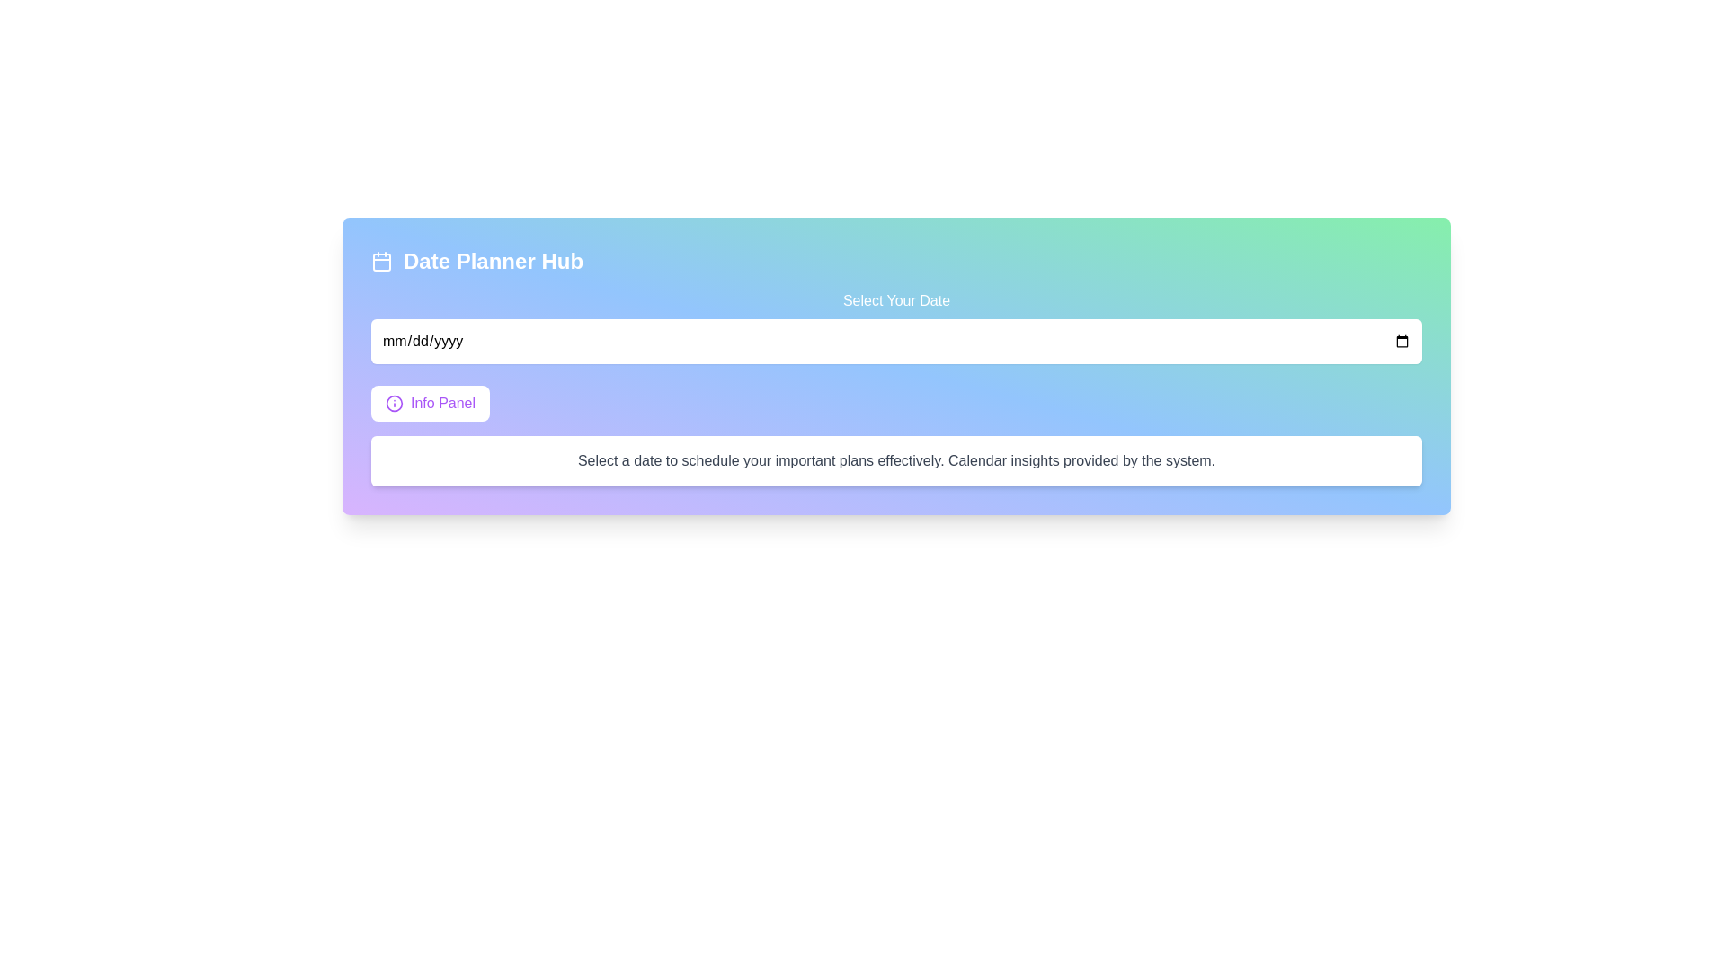  Describe the element at coordinates (393, 402) in the screenshot. I see `the circular information icon positioned to the left of the 'Info Panel' text label in the user interface` at that location.